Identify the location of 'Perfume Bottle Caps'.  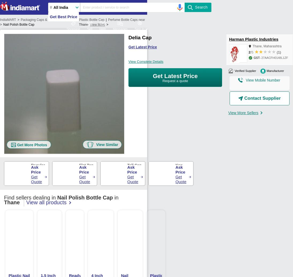
(122, 20).